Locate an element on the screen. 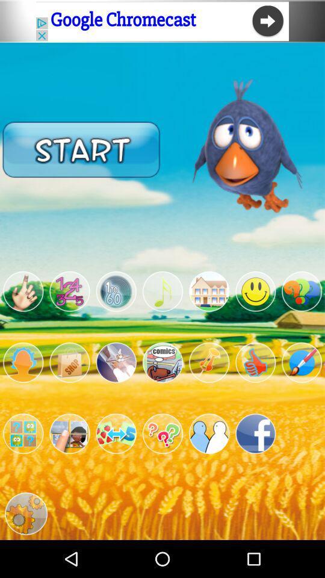  check contacts is located at coordinates (208, 433).